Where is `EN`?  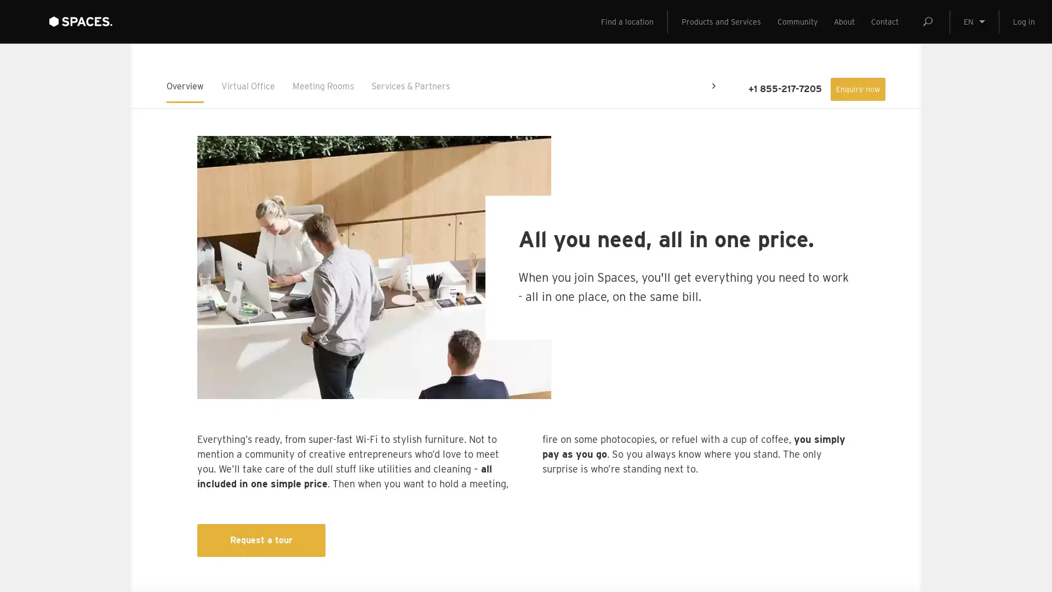
EN is located at coordinates (974, 44).